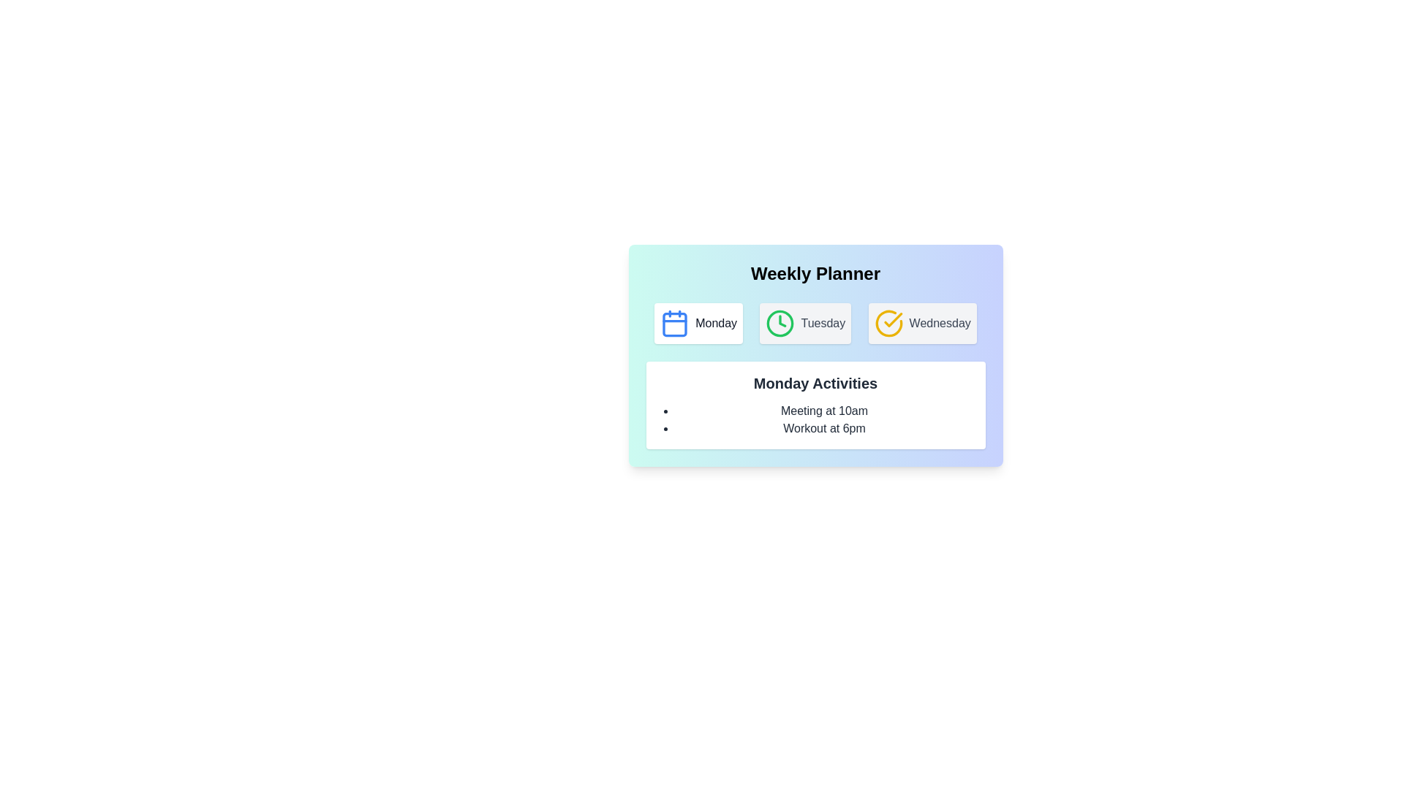  What do you see at coordinates (921, 323) in the screenshot?
I see `the button corresponding to Wednesday to switch the displayed activities to that day` at bounding box center [921, 323].